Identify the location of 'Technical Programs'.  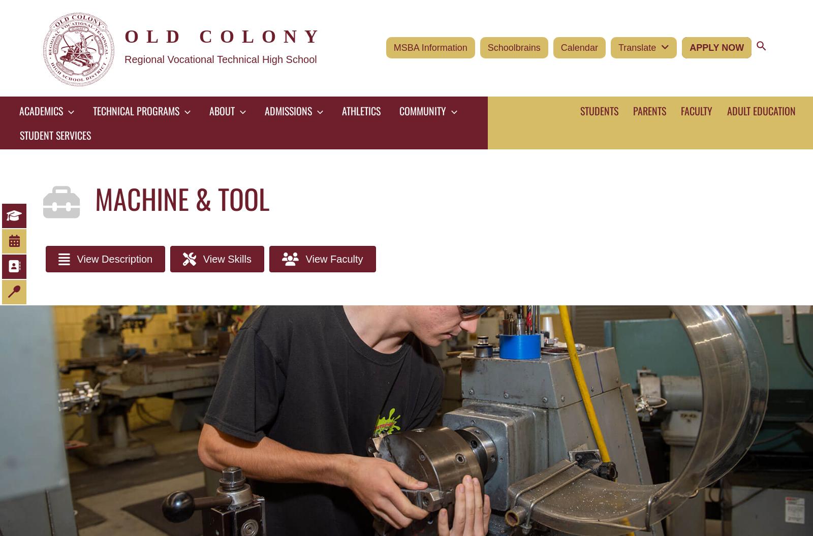
(136, 110).